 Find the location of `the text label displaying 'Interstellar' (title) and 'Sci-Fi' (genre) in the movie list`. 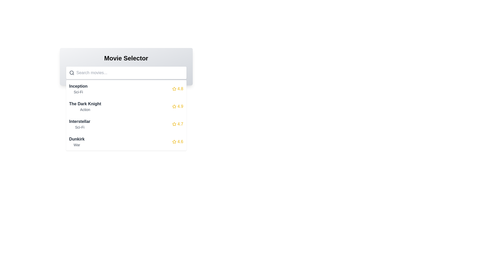

the text label displaying 'Interstellar' (title) and 'Sci-Fi' (genre) in the movie list is located at coordinates (79, 124).